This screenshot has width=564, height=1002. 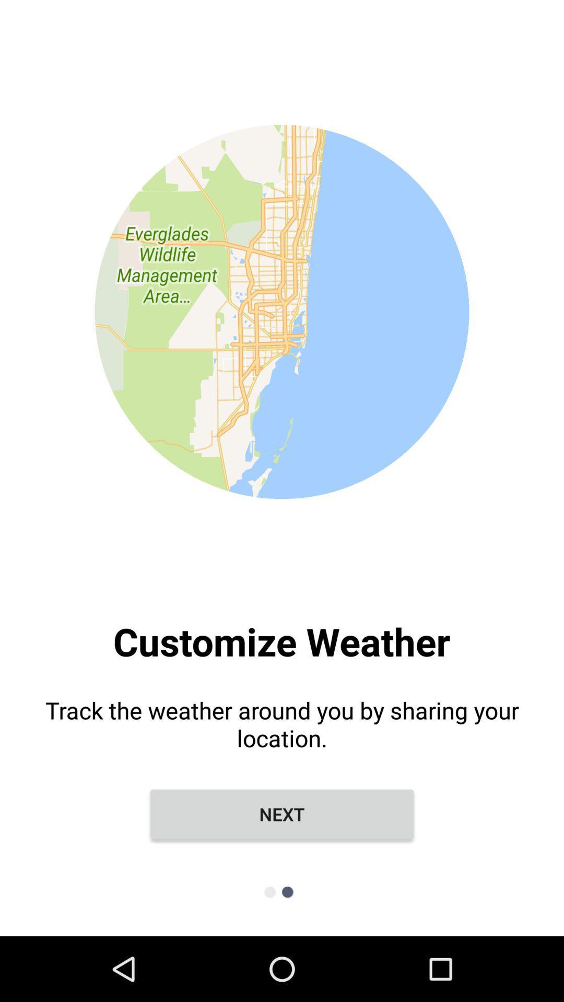 I want to click on icon below the track the weather, so click(x=282, y=814).